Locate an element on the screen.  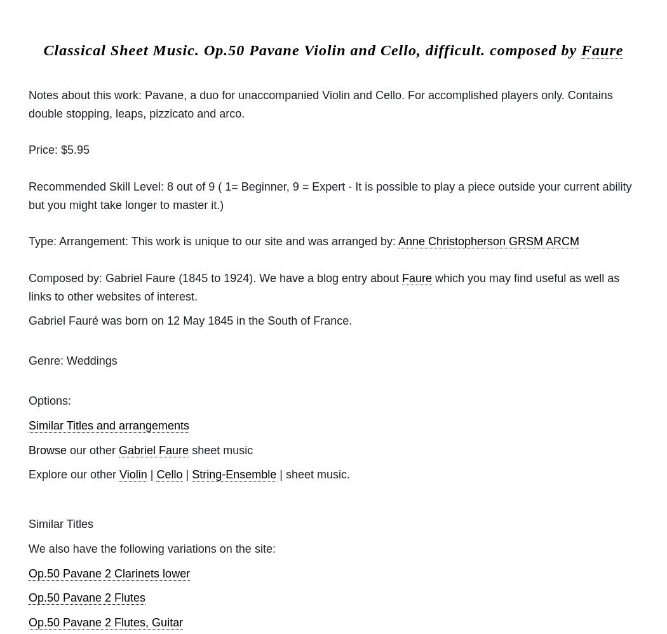
'String-Ensemble' is located at coordinates (191, 475).